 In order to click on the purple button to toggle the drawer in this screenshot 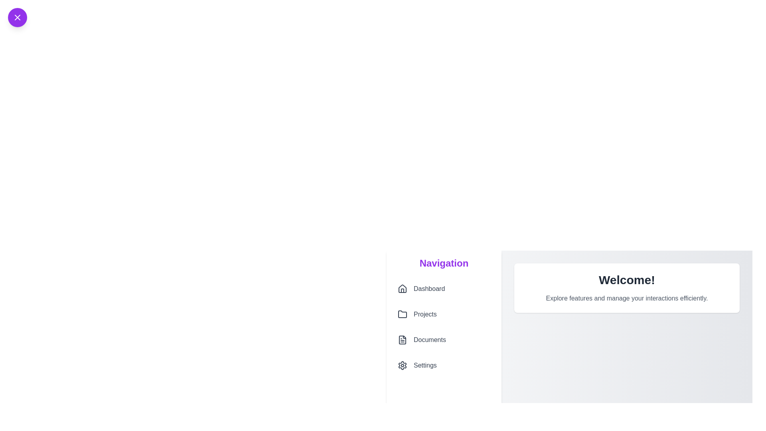, I will do `click(17, 17)`.